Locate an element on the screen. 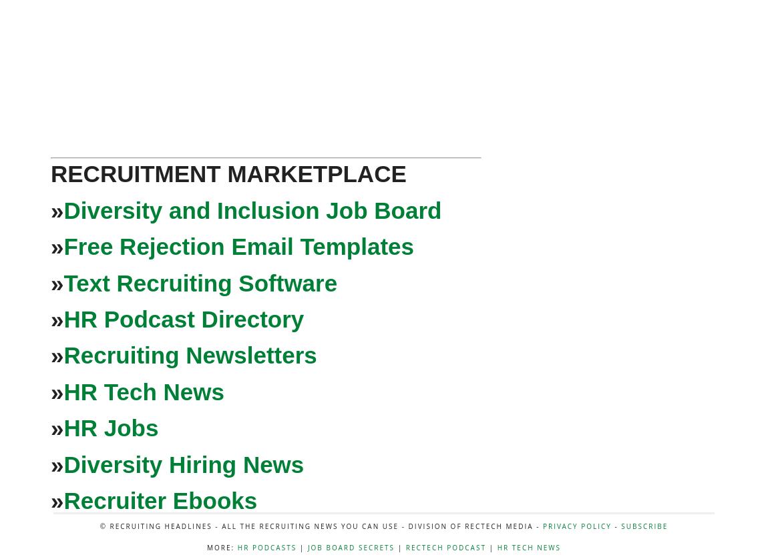 The height and width of the screenshot is (559, 768). '© Recruiting Headlines - All the Recruiting News You Can Use - Division of RecTech Media -' is located at coordinates (321, 524).